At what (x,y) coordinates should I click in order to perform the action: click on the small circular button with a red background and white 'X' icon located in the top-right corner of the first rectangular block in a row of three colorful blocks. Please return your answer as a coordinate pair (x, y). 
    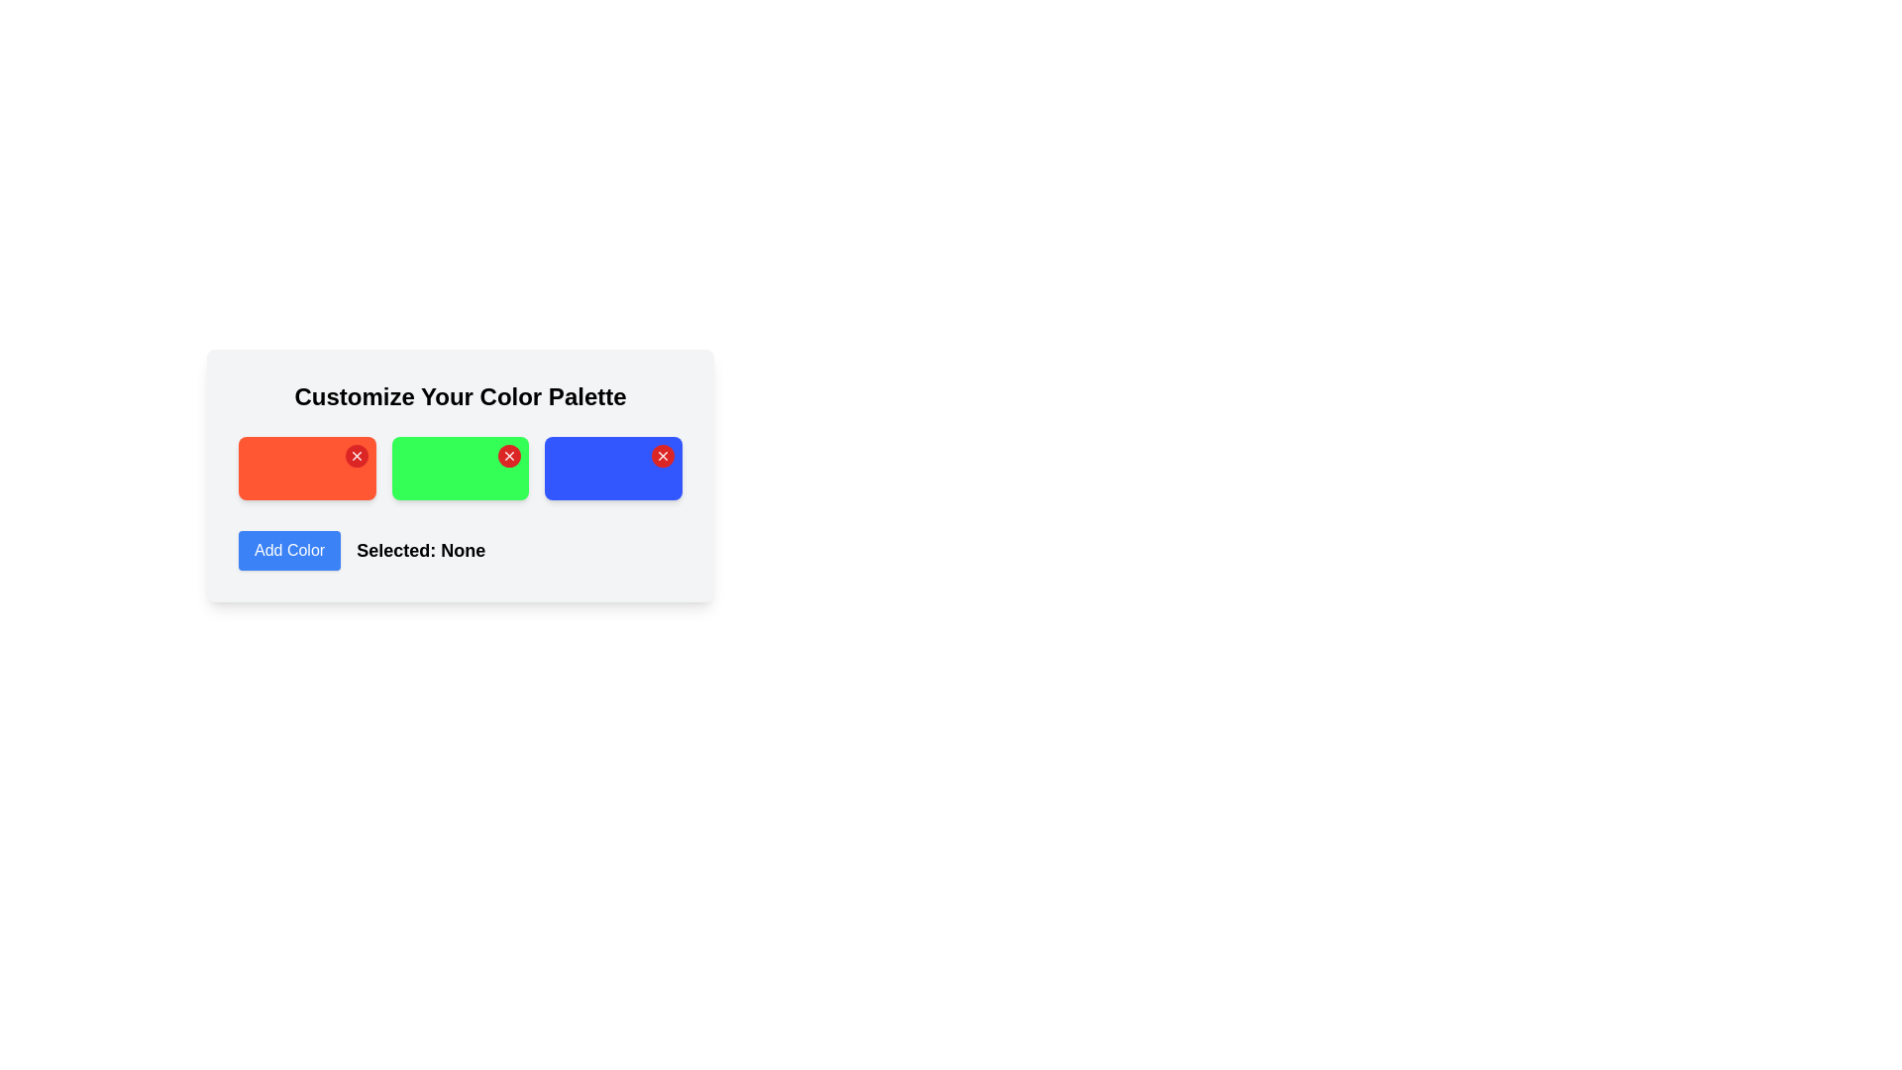
    Looking at the image, I should click on (357, 456).